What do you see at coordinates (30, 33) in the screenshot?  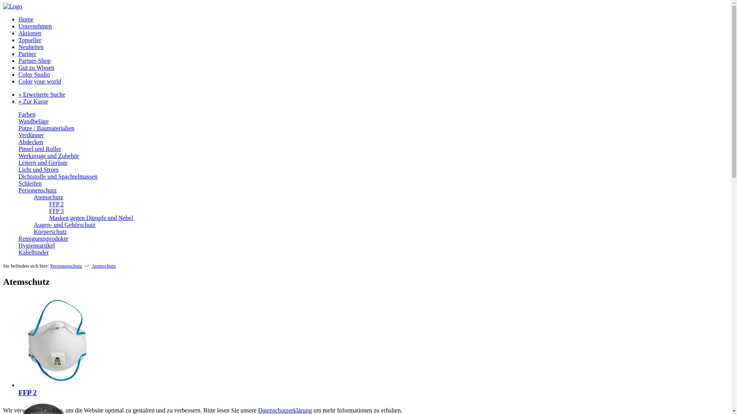 I see `'Aktionen'` at bounding box center [30, 33].